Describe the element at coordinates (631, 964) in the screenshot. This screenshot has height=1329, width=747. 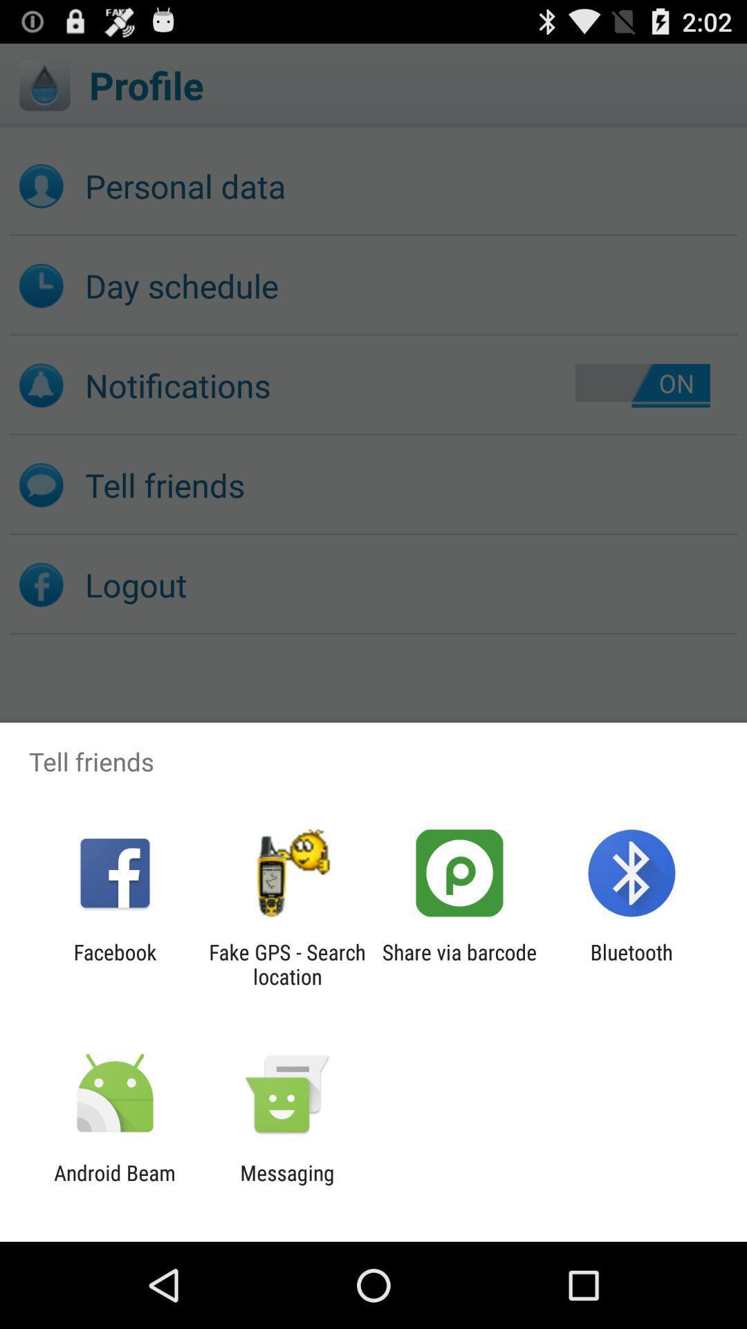
I see `the icon next to share via barcode item` at that location.